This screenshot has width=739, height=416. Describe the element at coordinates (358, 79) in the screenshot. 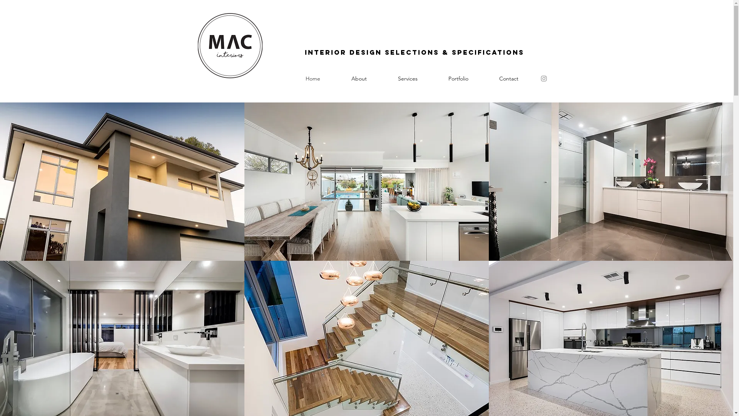

I see `'About'` at that location.